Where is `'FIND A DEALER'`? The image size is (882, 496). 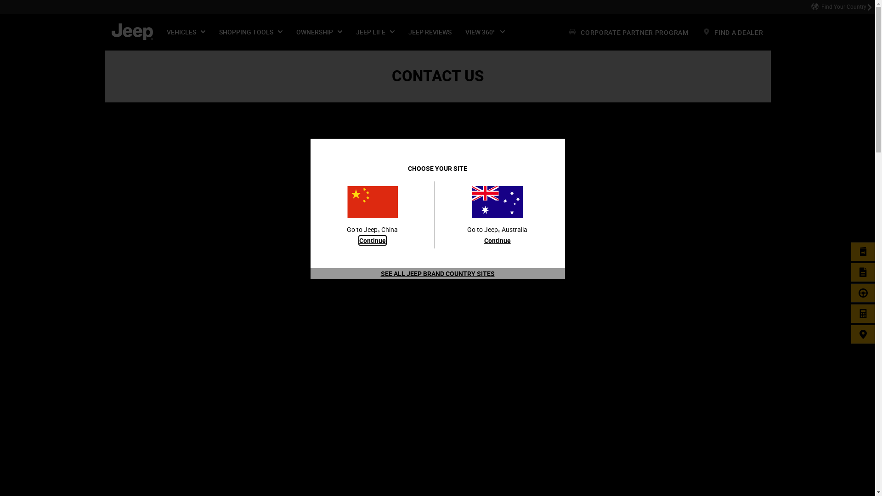
'FIND A DEALER' is located at coordinates (862, 334).